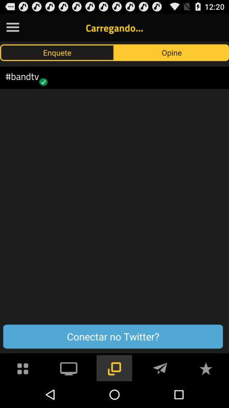 Image resolution: width=229 pixels, height=408 pixels. I want to click on drop down menu, so click(12, 27).